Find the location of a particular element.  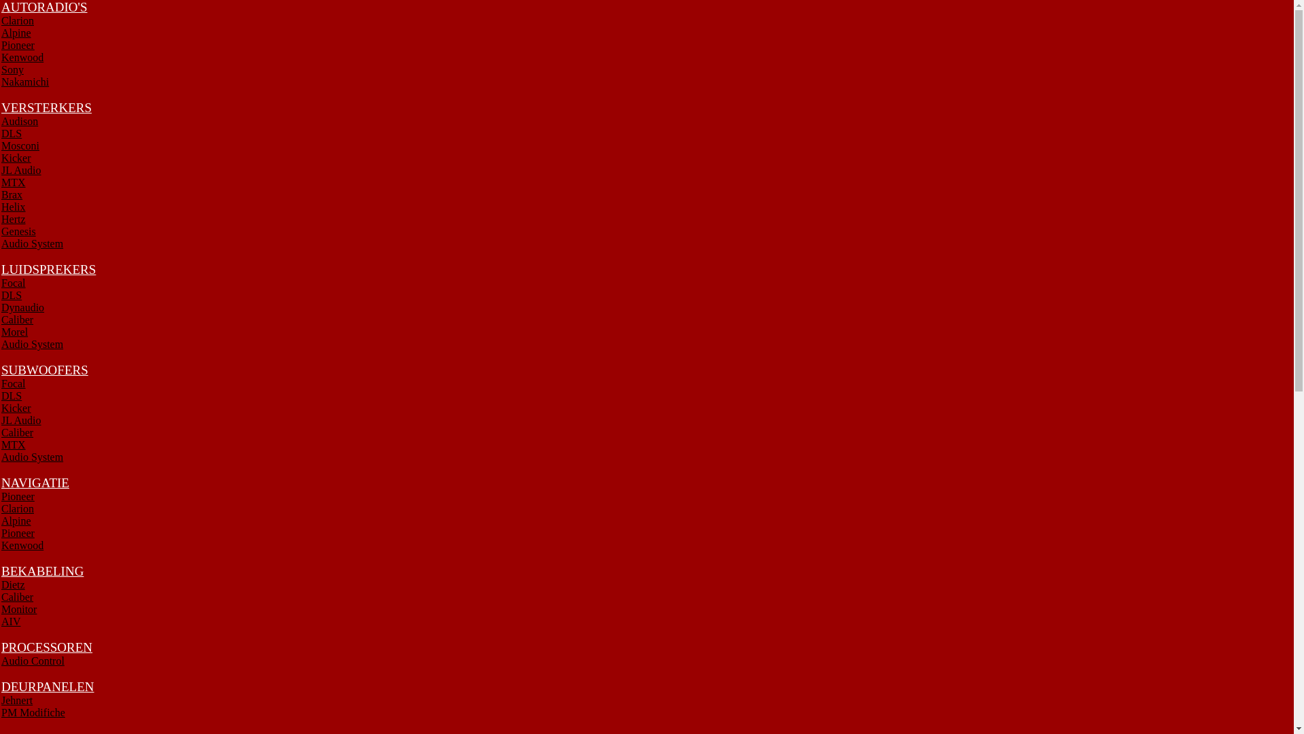

'Pioneer' is located at coordinates (18, 532).